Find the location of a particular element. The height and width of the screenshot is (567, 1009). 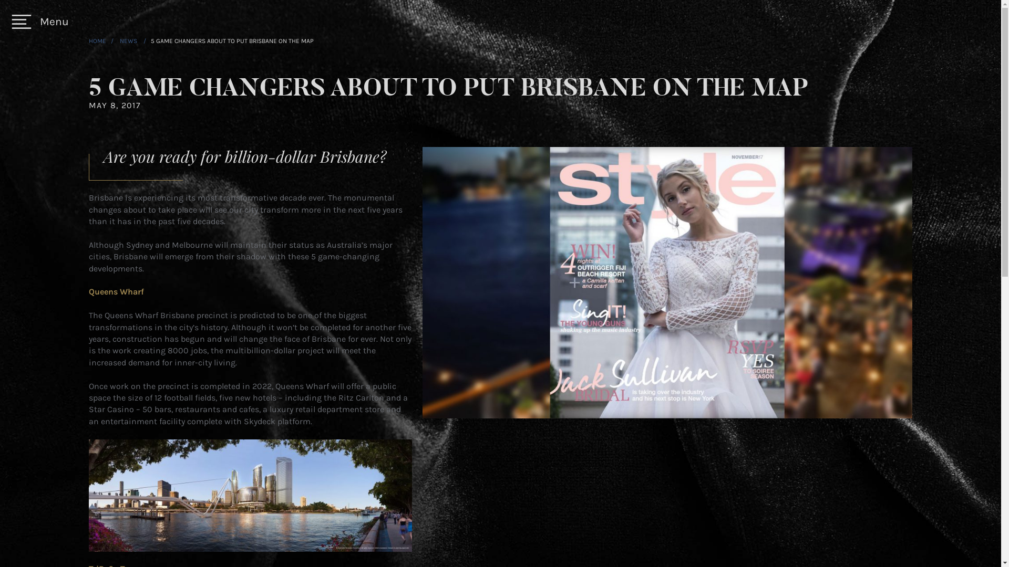

'NEWS' is located at coordinates (119, 40).